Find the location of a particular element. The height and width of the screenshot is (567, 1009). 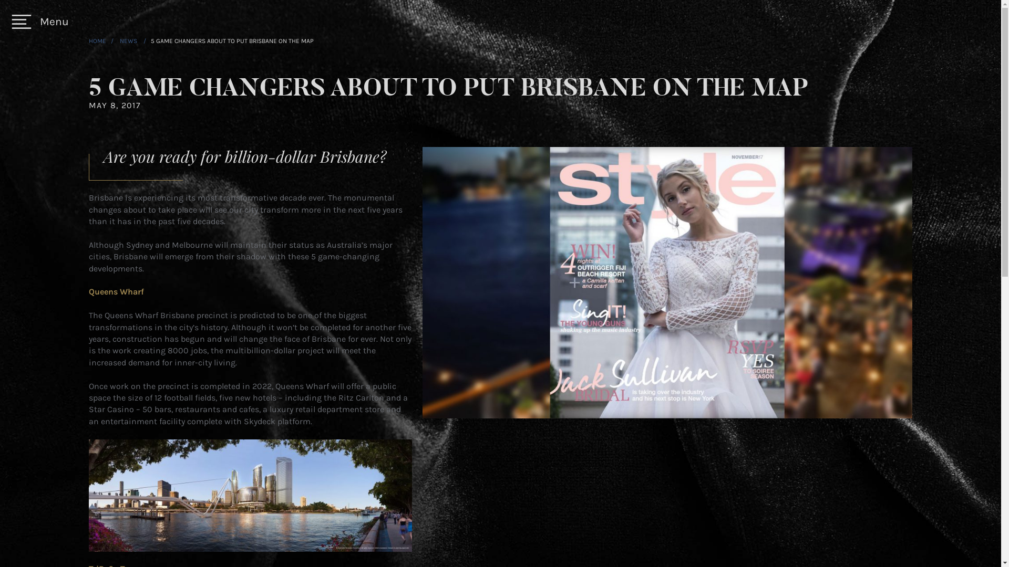

'NEWS' is located at coordinates (119, 40).